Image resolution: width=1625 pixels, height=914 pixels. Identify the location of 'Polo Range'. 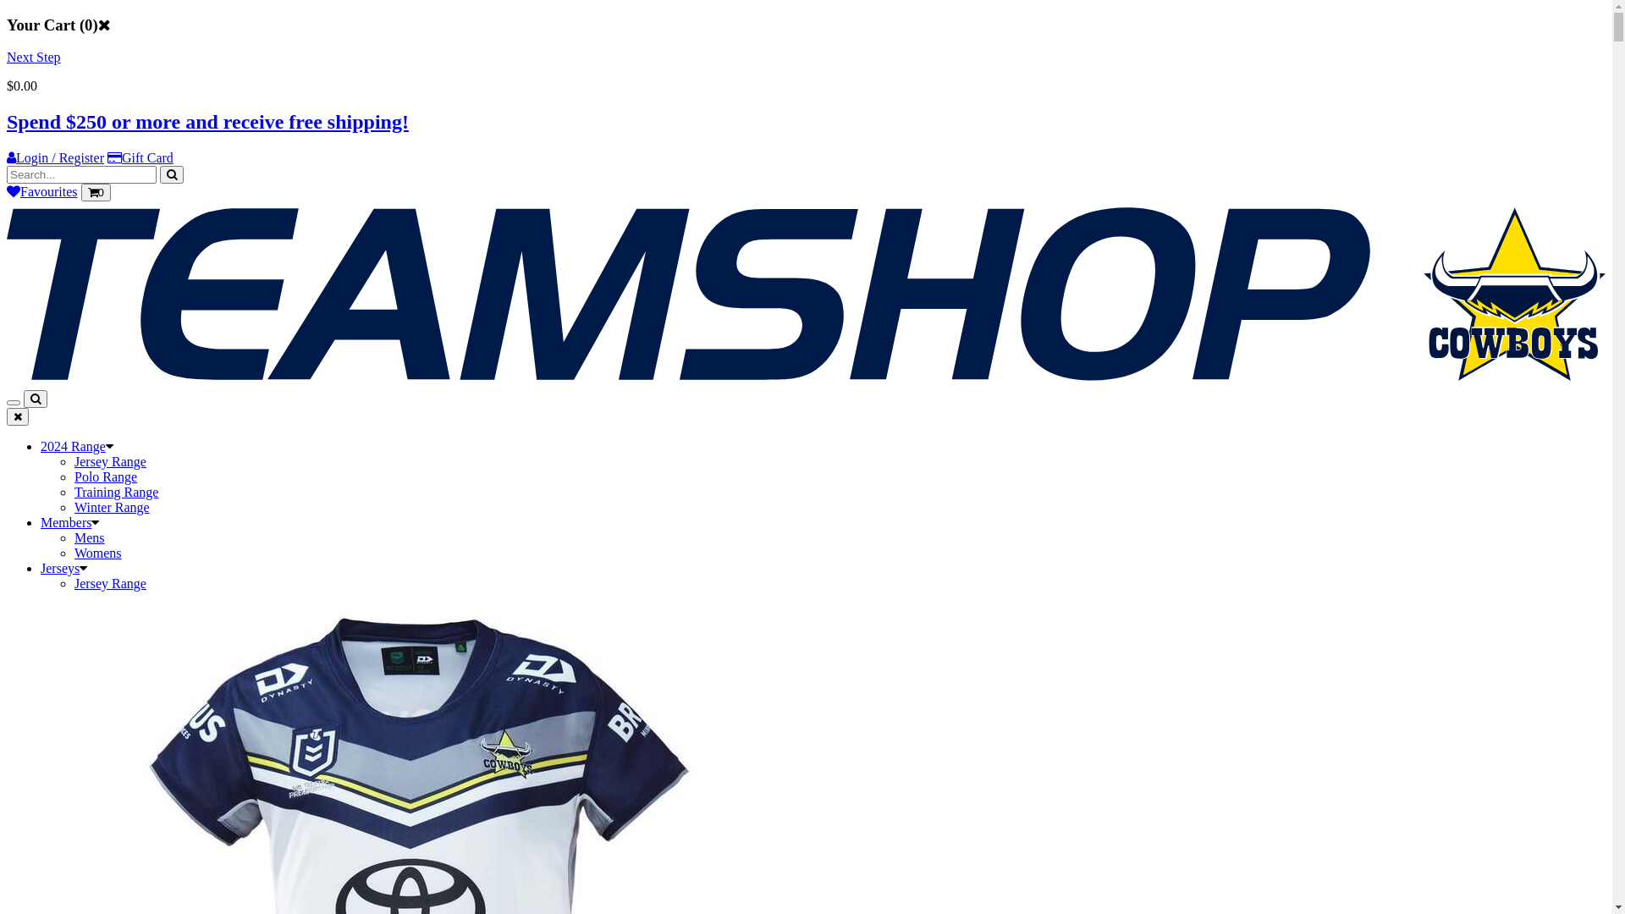
(104, 476).